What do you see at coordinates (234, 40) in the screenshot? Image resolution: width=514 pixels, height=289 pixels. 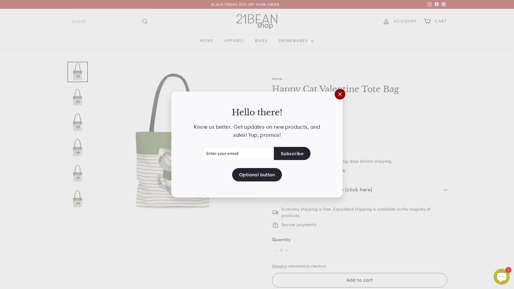 I see `'APPAREL'` at bounding box center [234, 40].